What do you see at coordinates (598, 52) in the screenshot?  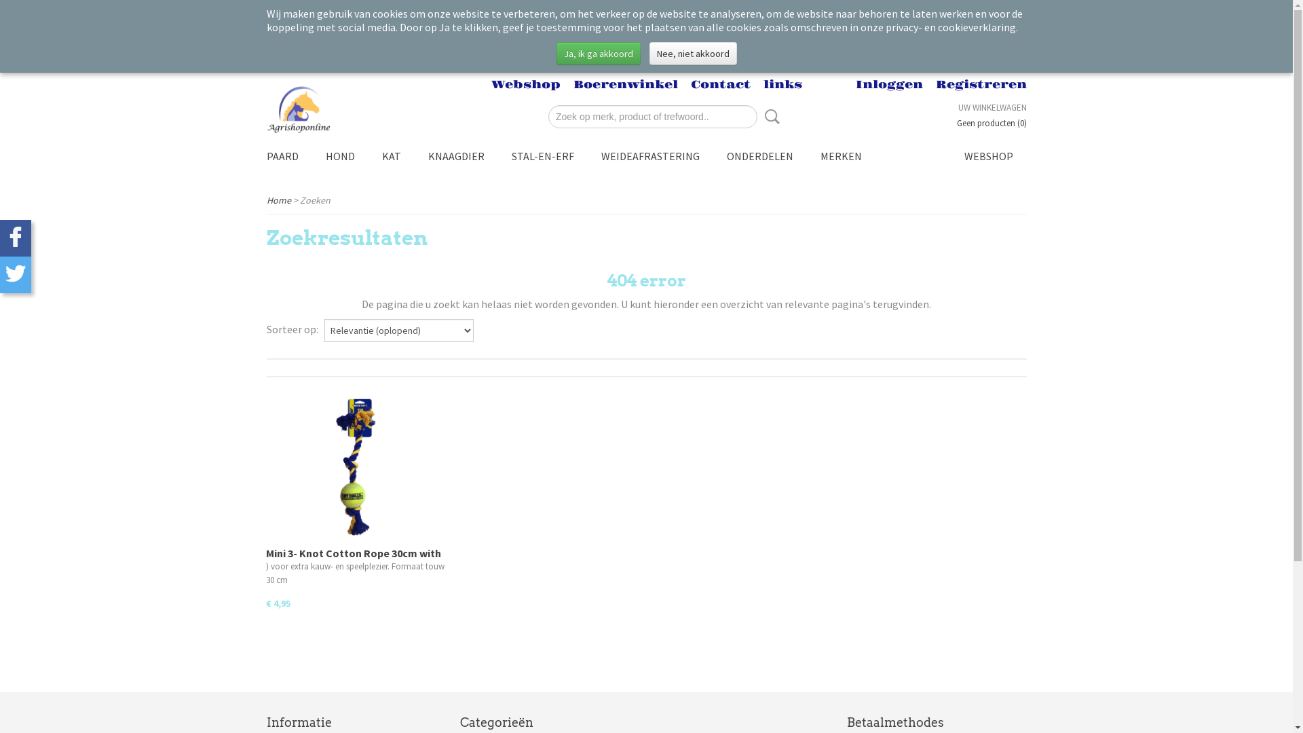 I see `'Ja, ik ga akkoord'` at bounding box center [598, 52].